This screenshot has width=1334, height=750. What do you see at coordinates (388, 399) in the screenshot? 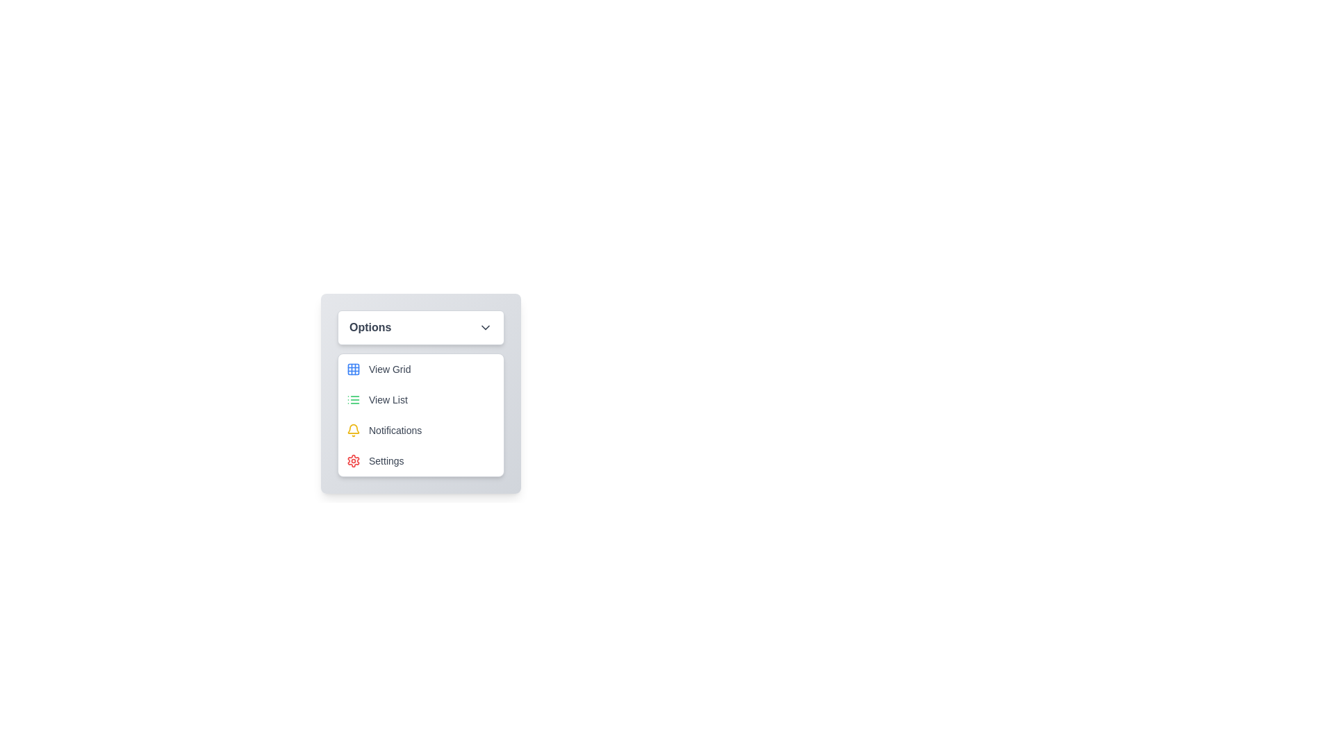
I see `the text label that describes switching to a list layout, located in the second row of the vertical list menu, between 'View Grid' and 'Notifications'` at bounding box center [388, 399].